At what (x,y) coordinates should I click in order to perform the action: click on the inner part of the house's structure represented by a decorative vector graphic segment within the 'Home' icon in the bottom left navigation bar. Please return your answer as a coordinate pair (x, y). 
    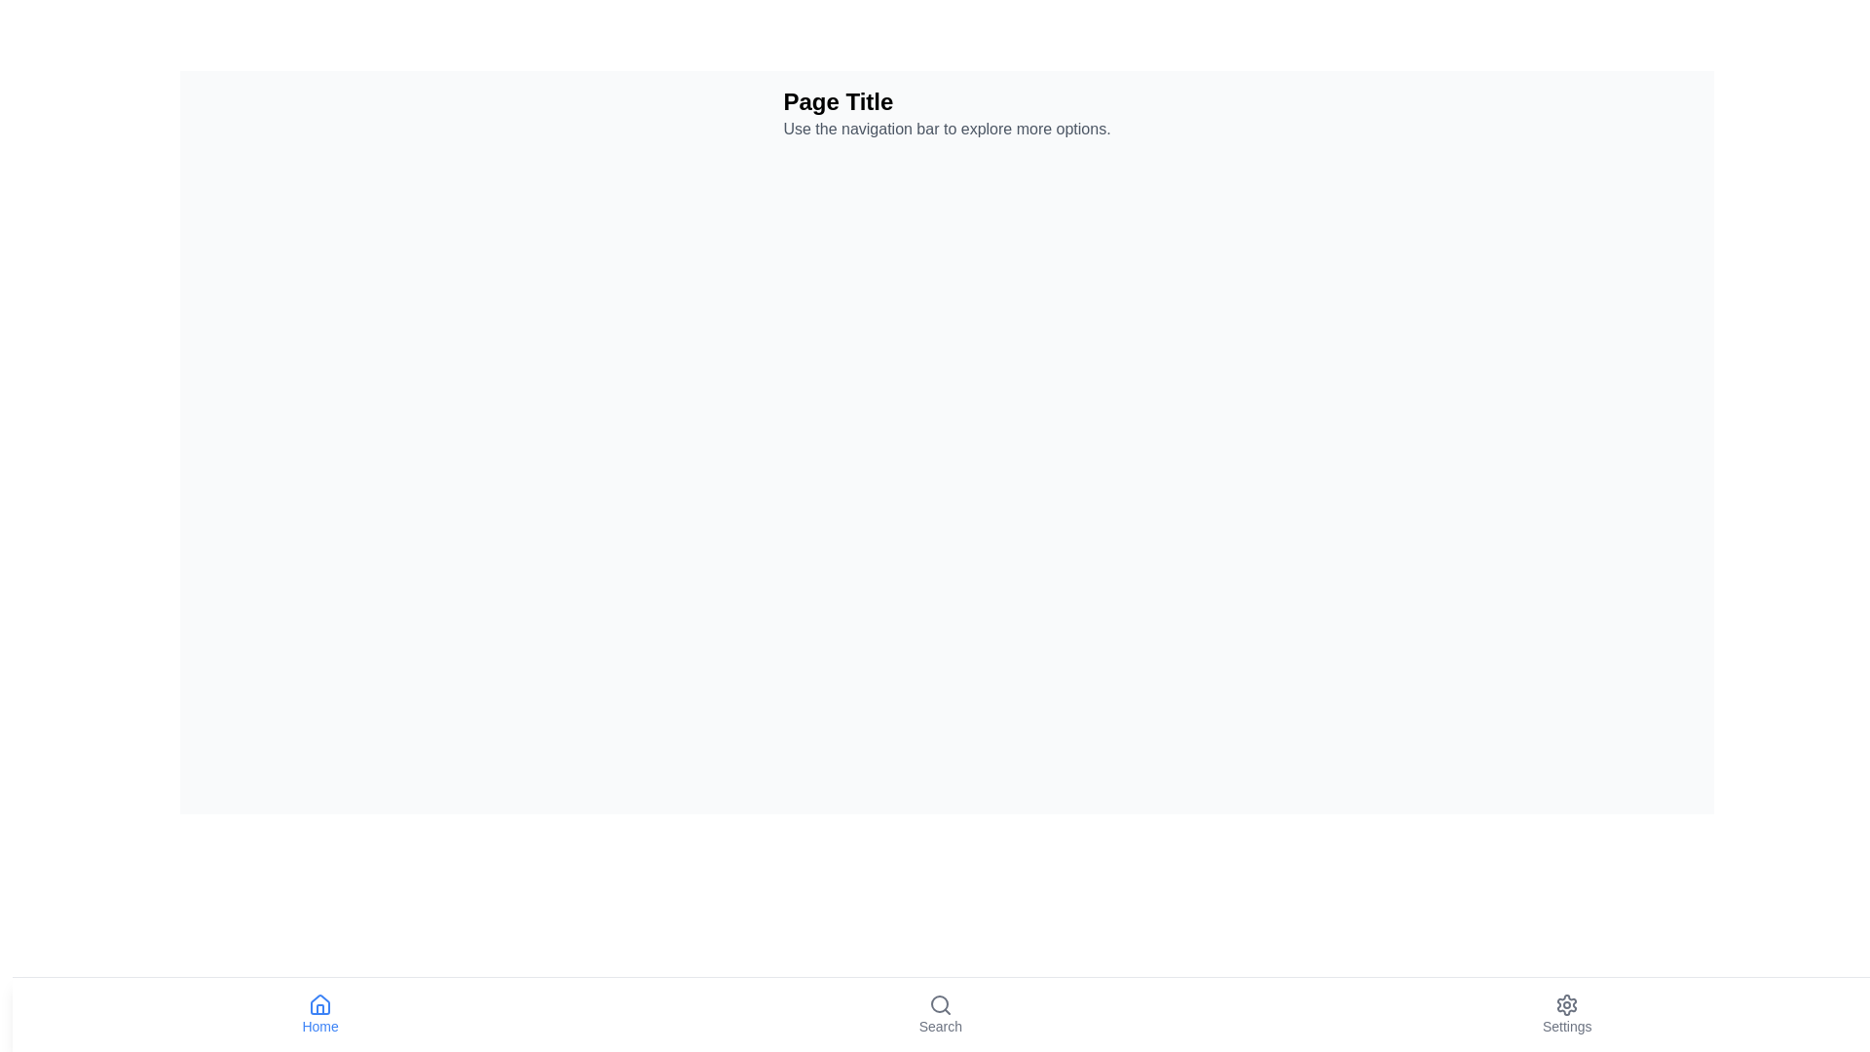
    Looking at the image, I should click on (320, 1008).